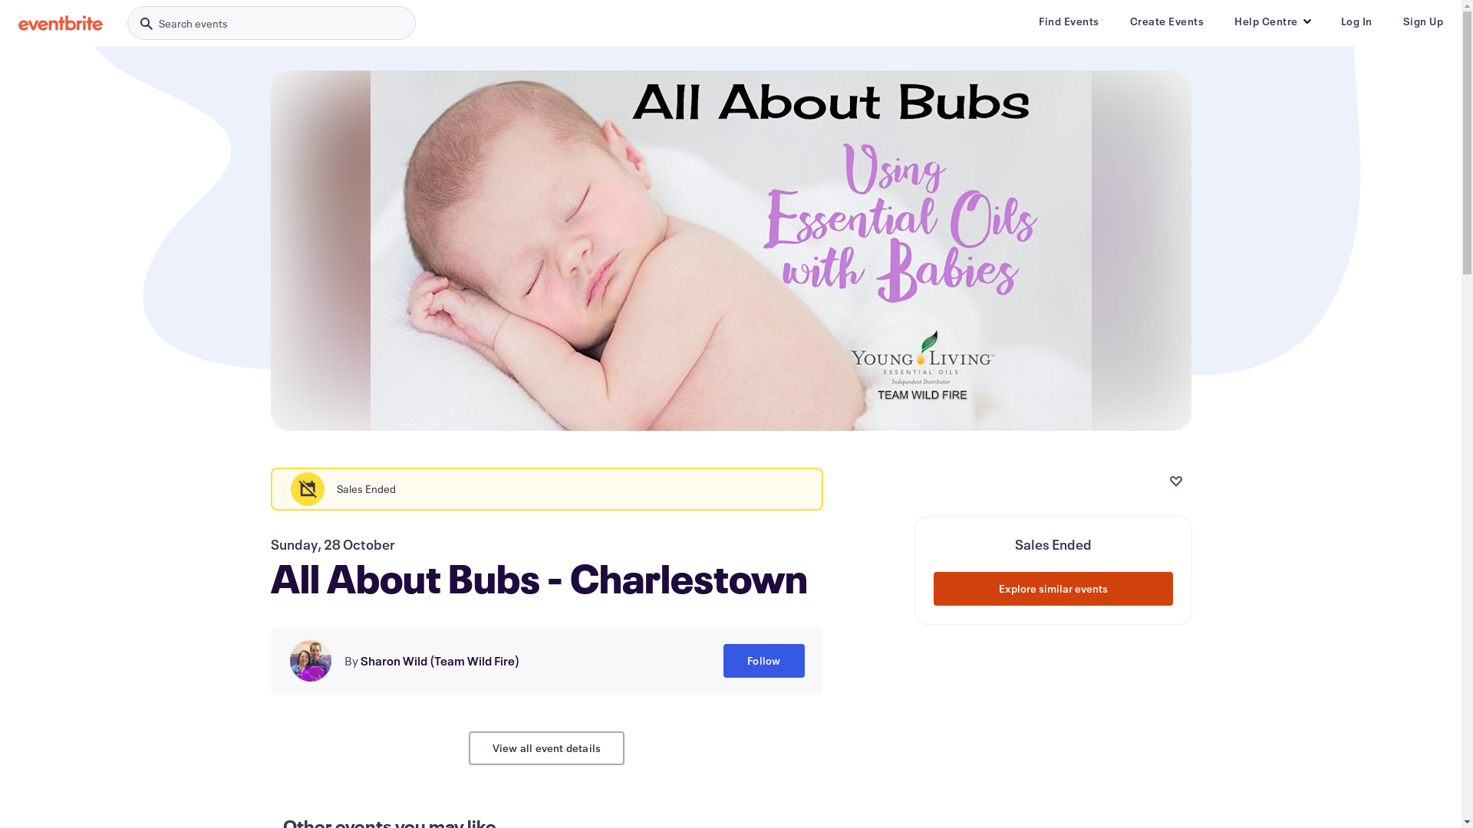 This screenshot has width=1473, height=828. Describe the element at coordinates (763, 659) in the screenshot. I see `'Follow'` at that location.